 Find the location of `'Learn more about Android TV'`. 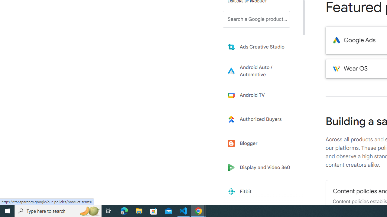

'Learn more about Android TV' is located at coordinates (261, 95).